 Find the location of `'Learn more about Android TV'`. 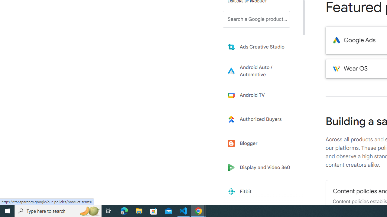

'Learn more about Android TV' is located at coordinates (261, 95).